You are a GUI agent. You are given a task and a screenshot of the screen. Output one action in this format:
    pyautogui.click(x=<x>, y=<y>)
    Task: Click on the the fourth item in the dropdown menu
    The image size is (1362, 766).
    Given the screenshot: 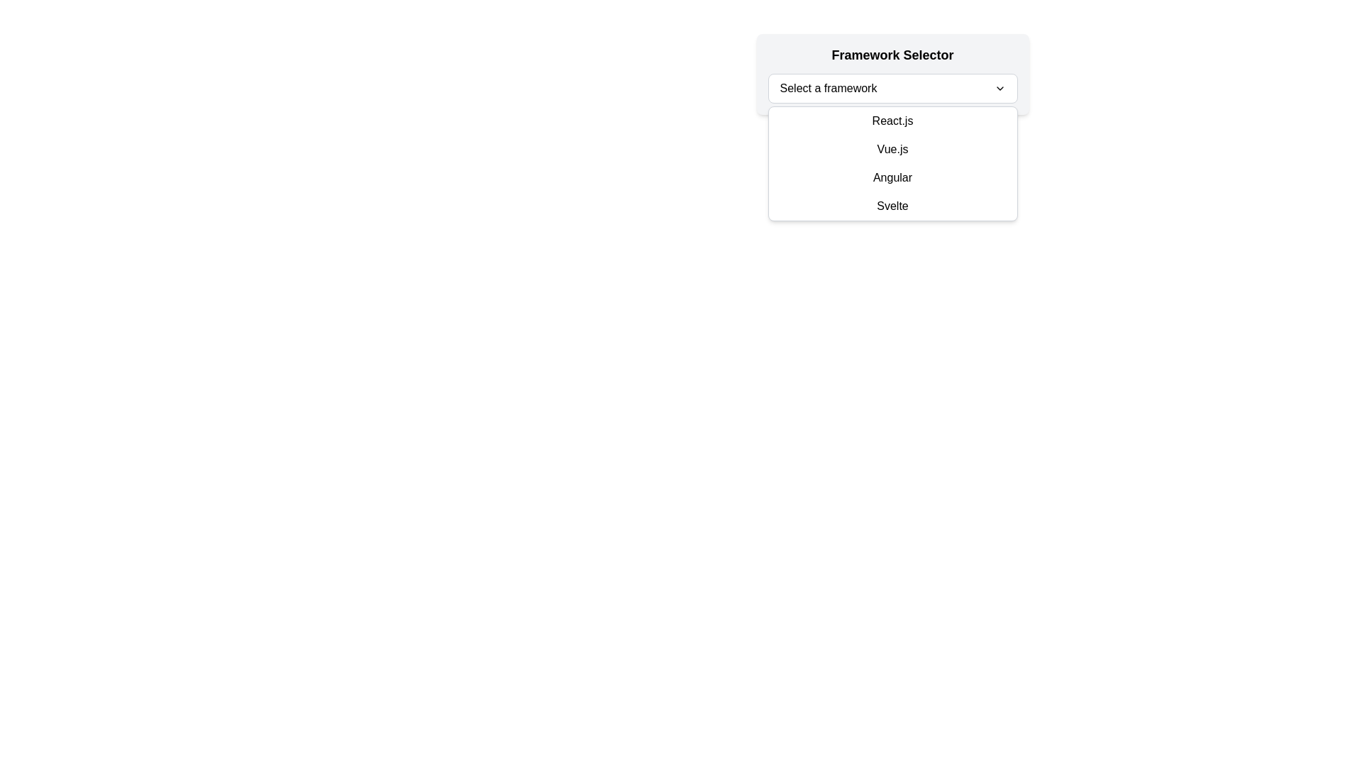 What is the action you would take?
    pyautogui.click(x=892, y=206)
    